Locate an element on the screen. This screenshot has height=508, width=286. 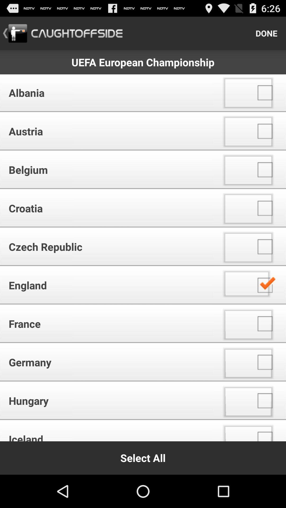
the austria item is located at coordinates (108, 131).